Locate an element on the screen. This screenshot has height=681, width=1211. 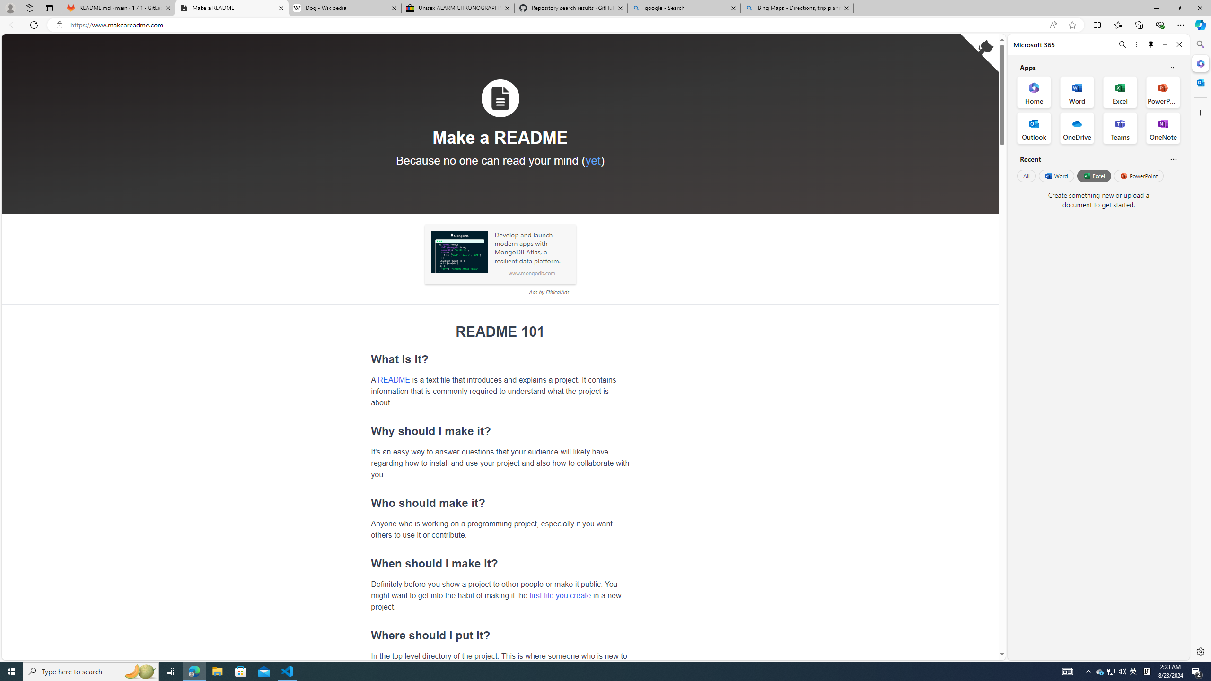
'All' is located at coordinates (1026, 175).